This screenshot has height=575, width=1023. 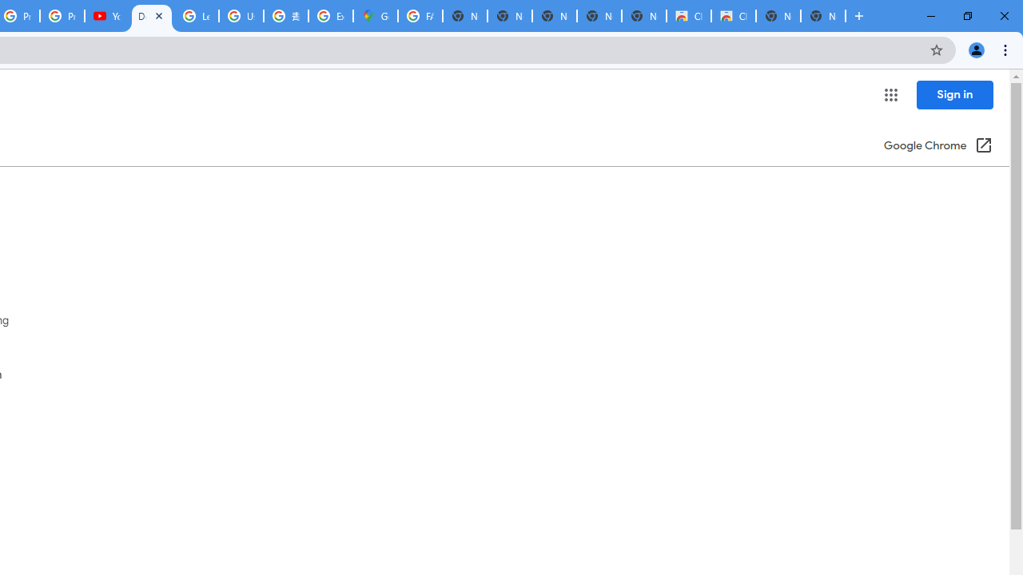 I want to click on 'YouTube', so click(x=106, y=16).